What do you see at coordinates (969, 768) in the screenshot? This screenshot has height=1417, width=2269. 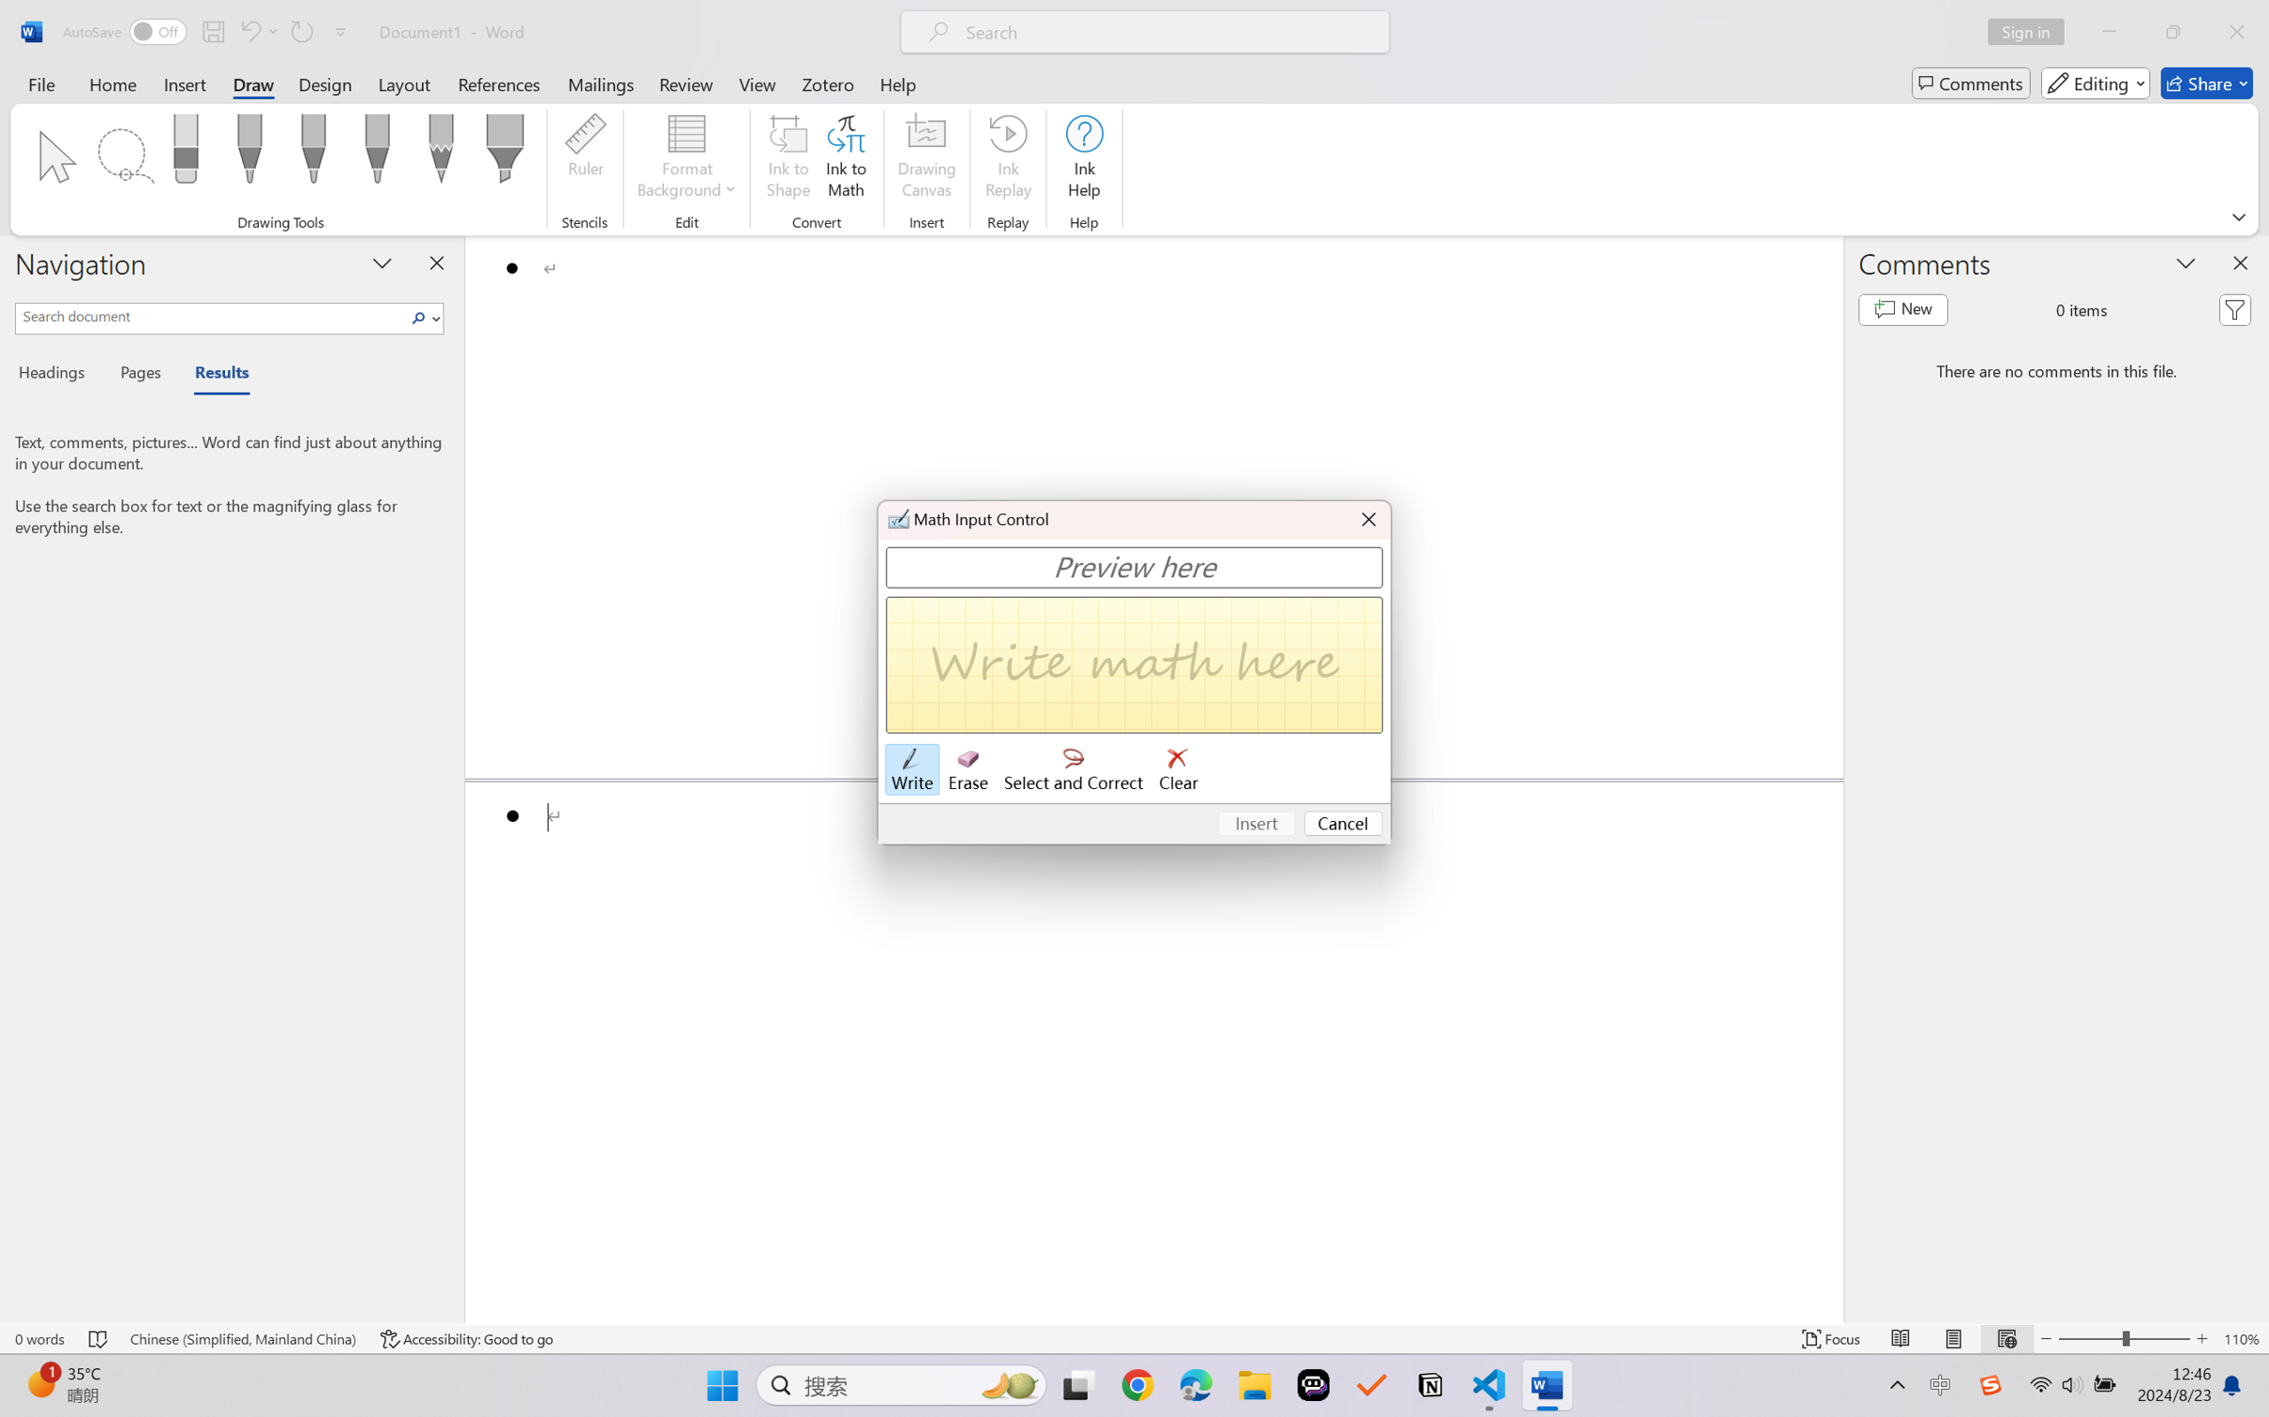 I see `'Erase'` at bounding box center [969, 768].